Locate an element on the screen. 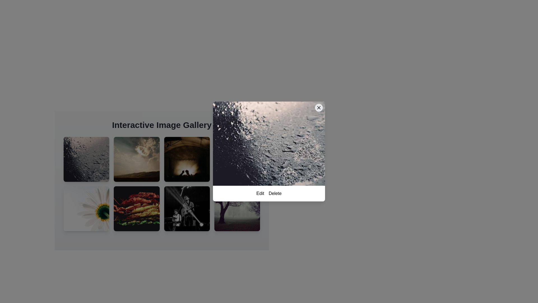 Image resolution: width=538 pixels, height=303 pixels. the second clickable gallery image featuring a landscape with a cloudy sky is located at coordinates (136, 159).